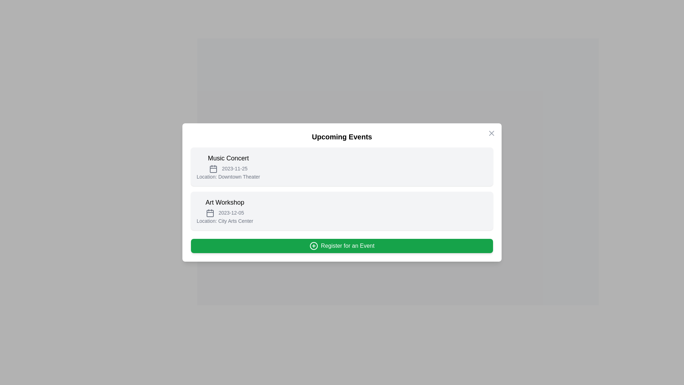 This screenshot has width=684, height=385. I want to click on the text label 'Art Workshop' which is styled in medium bold font and located centrally in the second list entry of the events list, so click(224, 202).